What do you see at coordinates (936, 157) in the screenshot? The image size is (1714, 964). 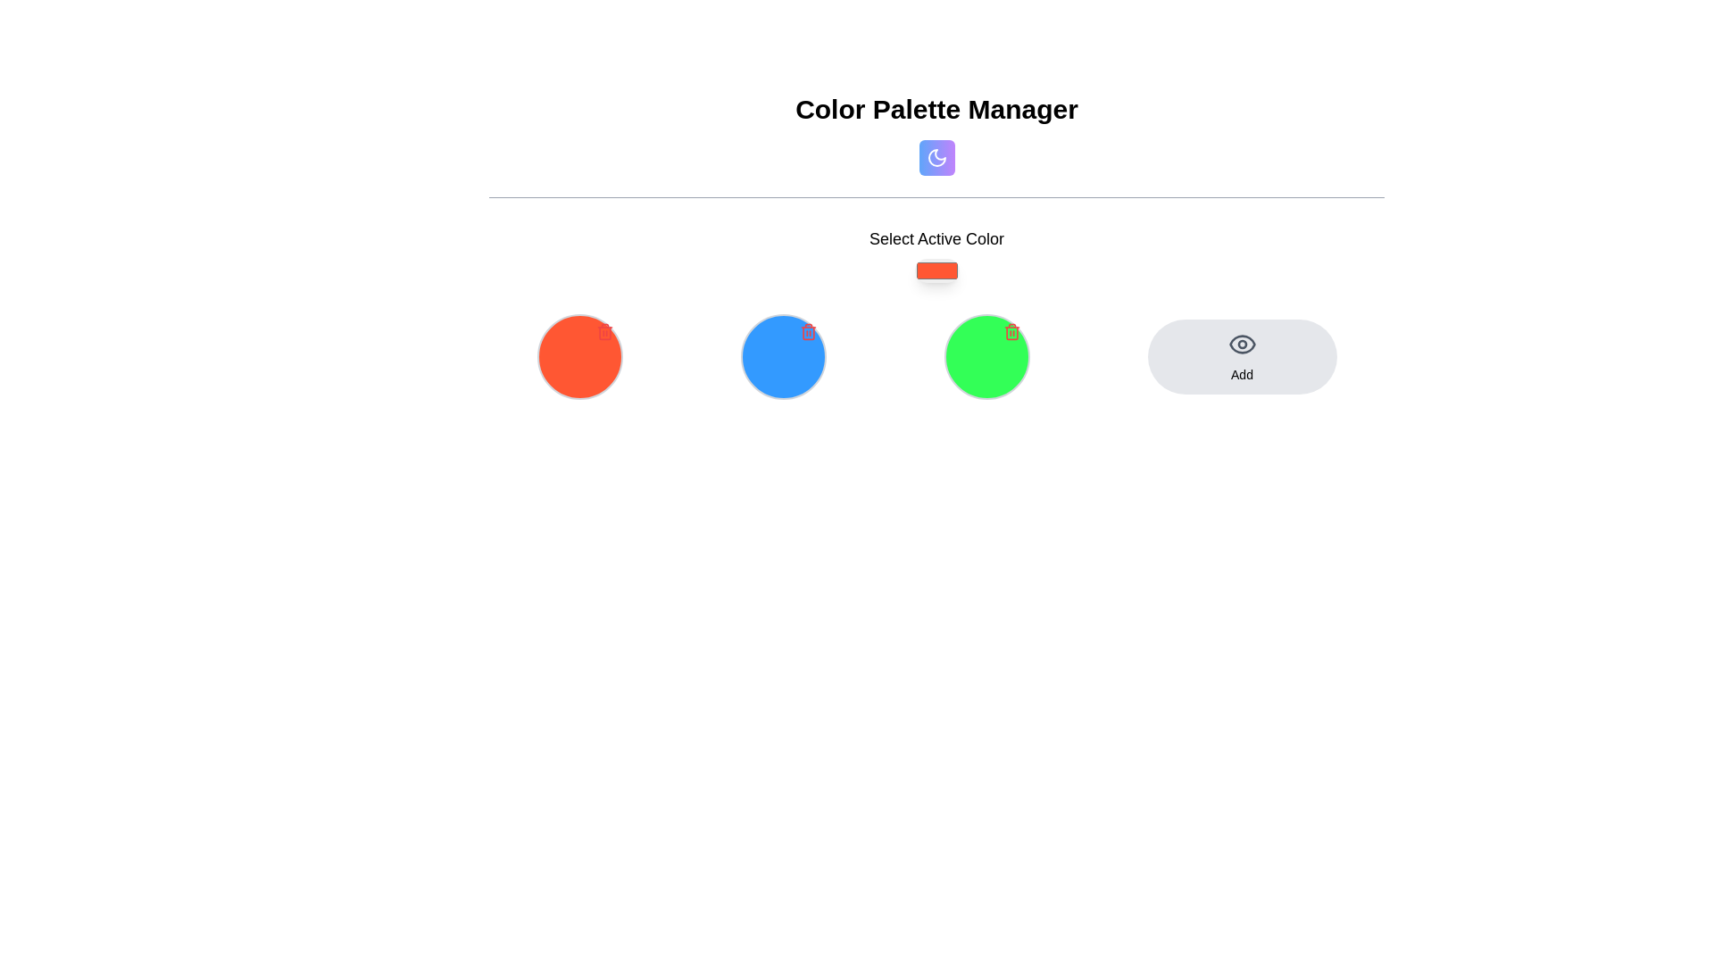 I see `the icon representing night mode or styling consistency, located at the top-middle of the interface under the title 'Color Palette Manager'` at bounding box center [936, 157].